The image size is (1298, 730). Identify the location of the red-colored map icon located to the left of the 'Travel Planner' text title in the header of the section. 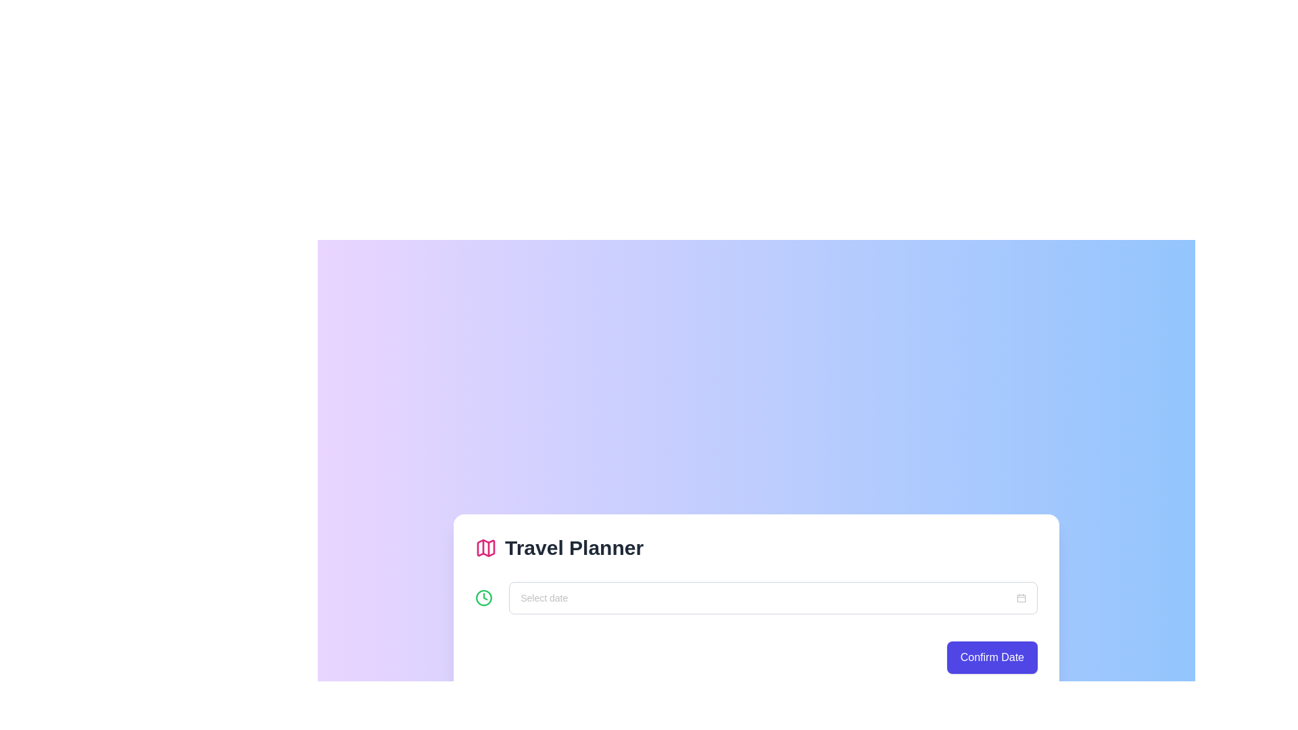
(486, 547).